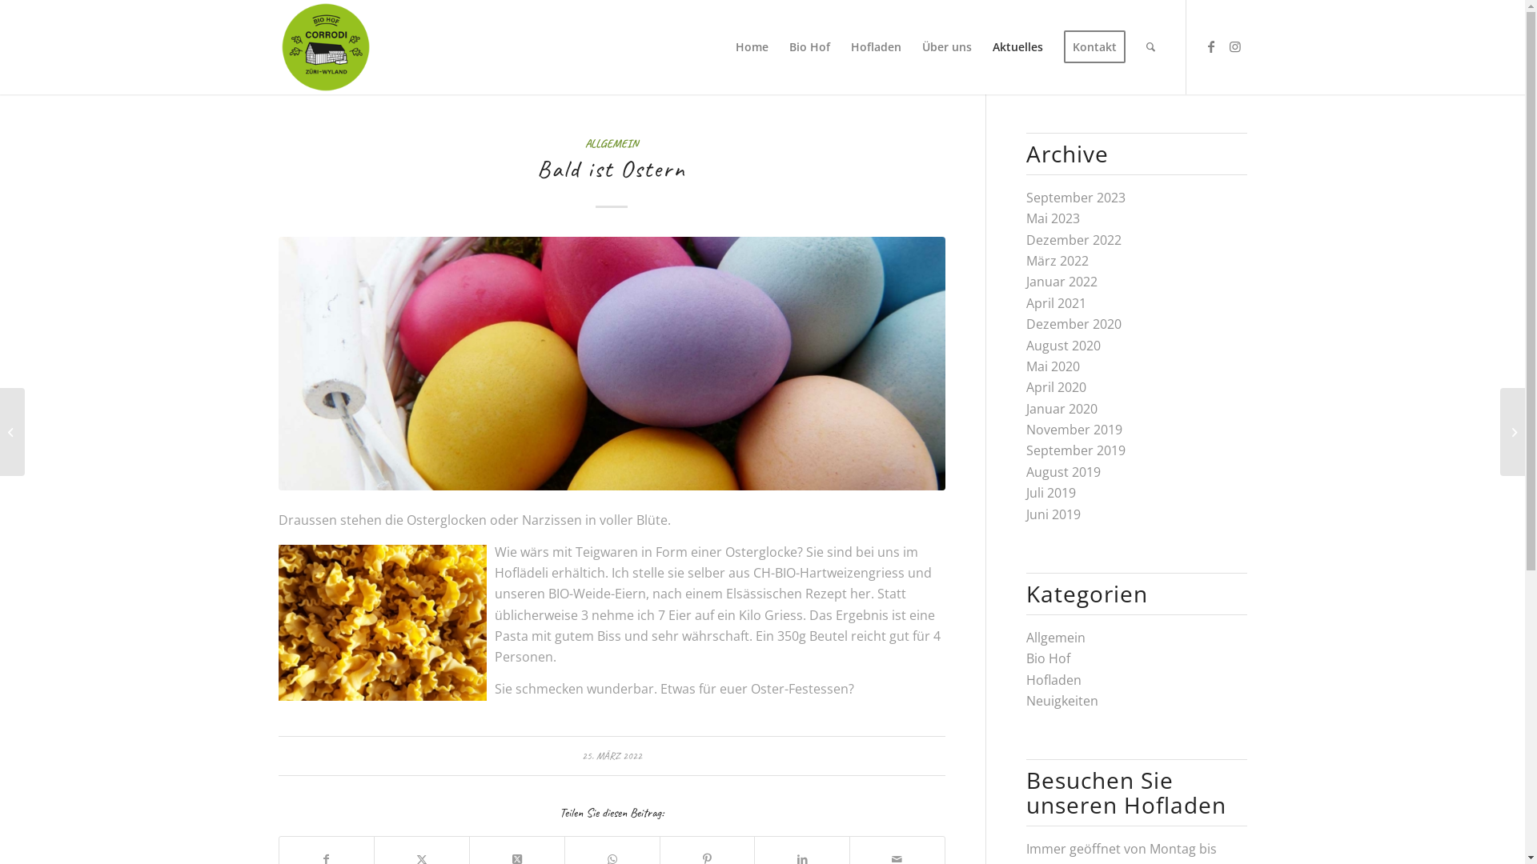  Describe the element at coordinates (1073, 240) in the screenshot. I see `'Dezember 2022'` at that location.